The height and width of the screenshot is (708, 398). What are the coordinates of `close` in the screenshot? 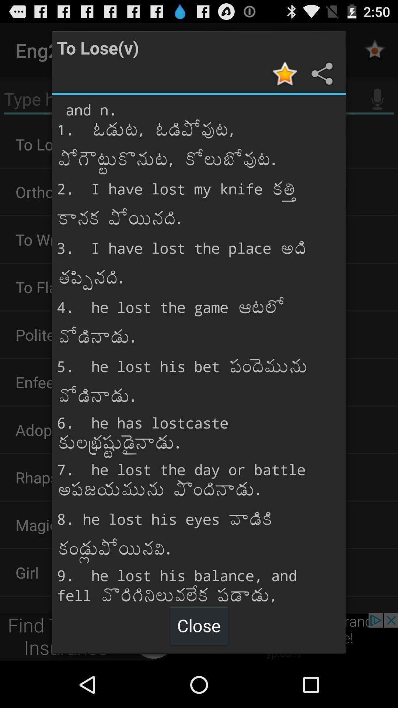 It's located at (198, 625).